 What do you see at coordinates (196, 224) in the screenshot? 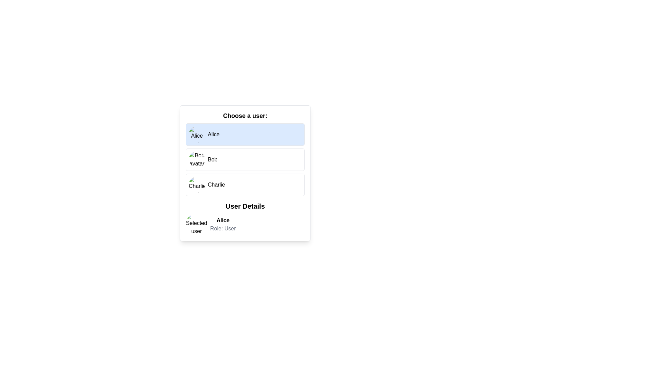
I see `the circular avatar image displaying 'Selected user avatar', located to the left of the text 'Alice' in the 'User Details' section` at bounding box center [196, 224].